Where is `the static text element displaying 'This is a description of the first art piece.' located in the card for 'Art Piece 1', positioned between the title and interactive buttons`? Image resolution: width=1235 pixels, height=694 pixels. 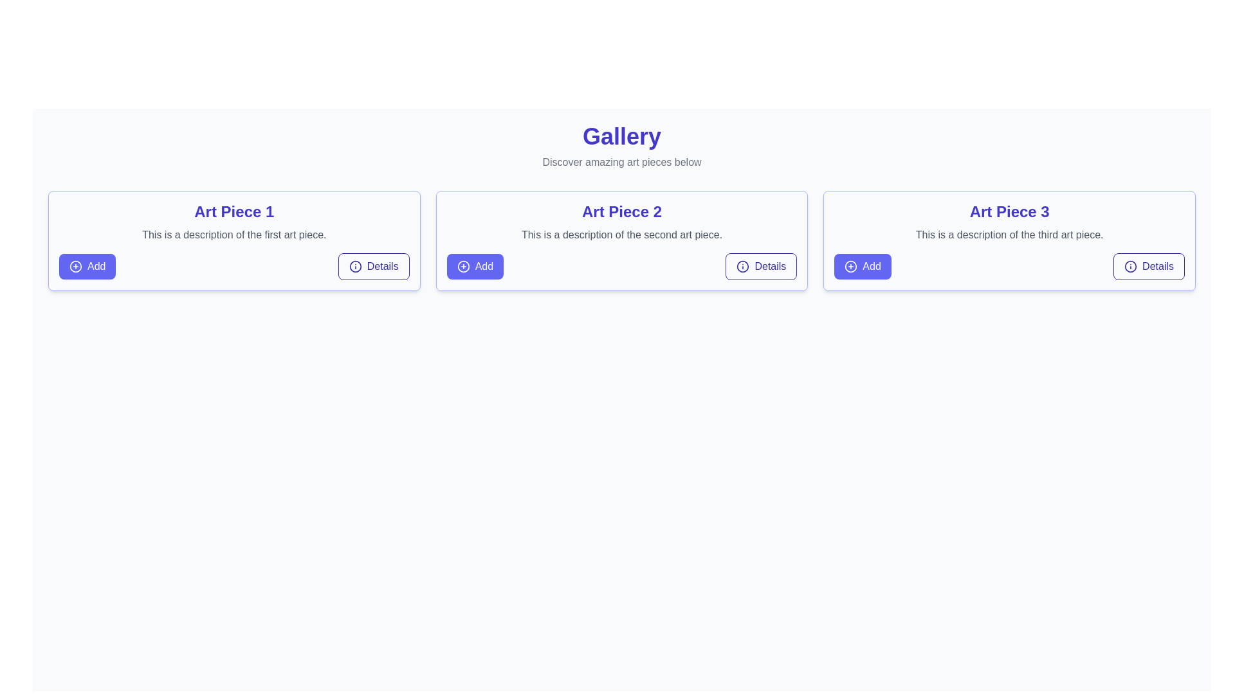 the static text element displaying 'This is a description of the first art piece.' located in the card for 'Art Piece 1', positioned between the title and interactive buttons is located at coordinates (234, 235).